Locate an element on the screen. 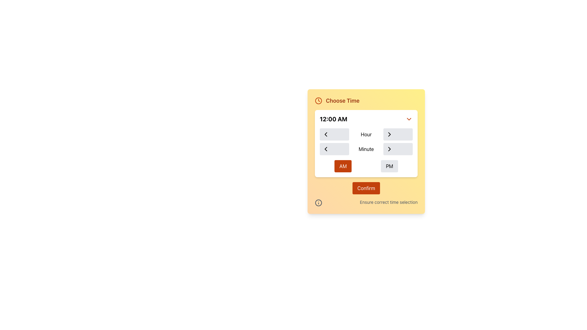  the leftward pointing chevron icon button located to the left of the 'Minute' label in the time selection interface to decrement the minute value is located at coordinates (325, 149).